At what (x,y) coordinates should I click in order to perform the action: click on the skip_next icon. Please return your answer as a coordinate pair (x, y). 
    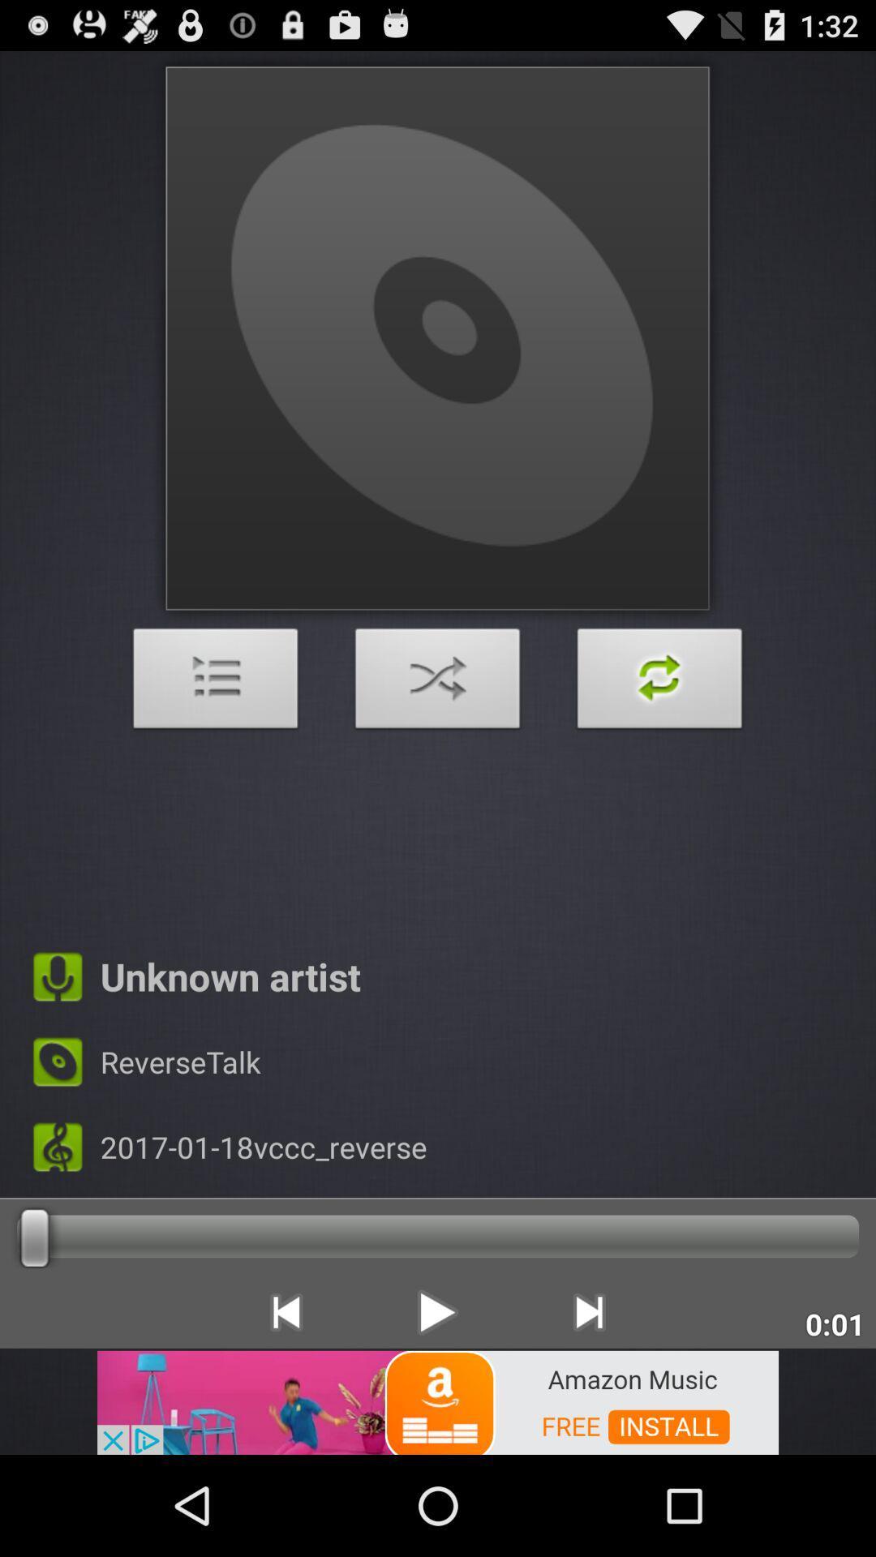
    Looking at the image, I should click on (589, 1403).